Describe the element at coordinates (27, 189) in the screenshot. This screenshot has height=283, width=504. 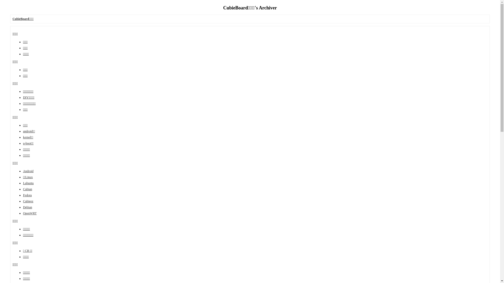
I see `'Cubian'` at that location.